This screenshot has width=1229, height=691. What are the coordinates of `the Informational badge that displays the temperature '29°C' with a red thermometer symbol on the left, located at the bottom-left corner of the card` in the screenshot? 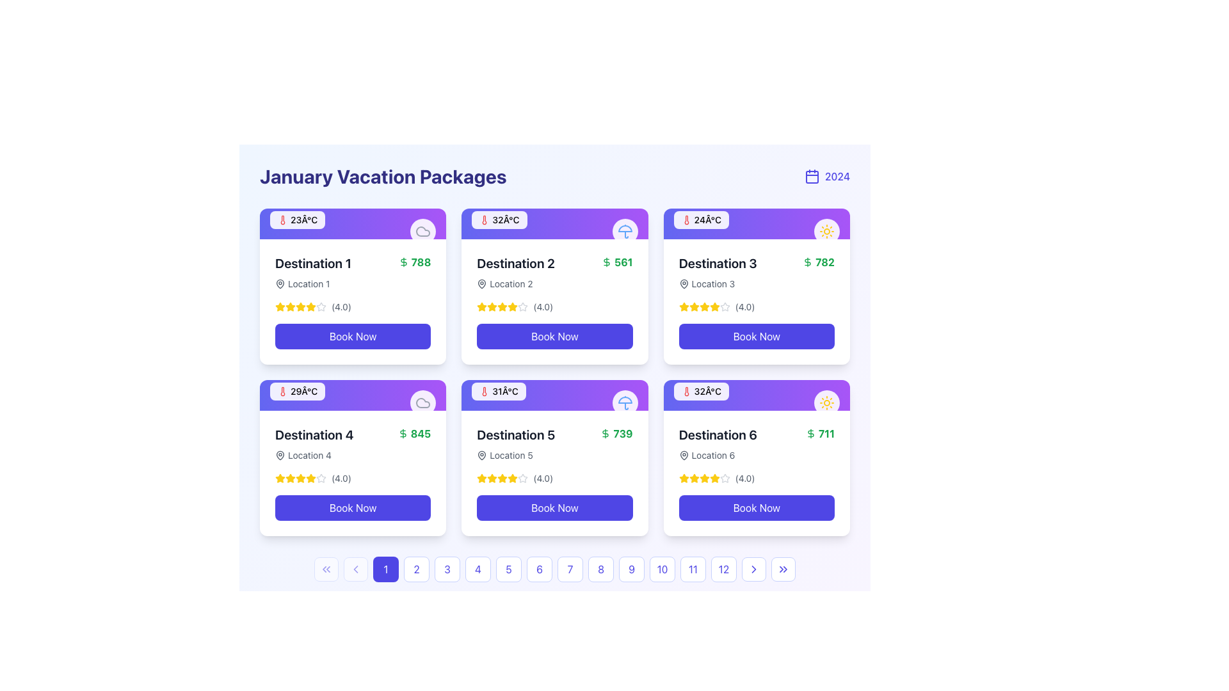 It's located at (297, 391).